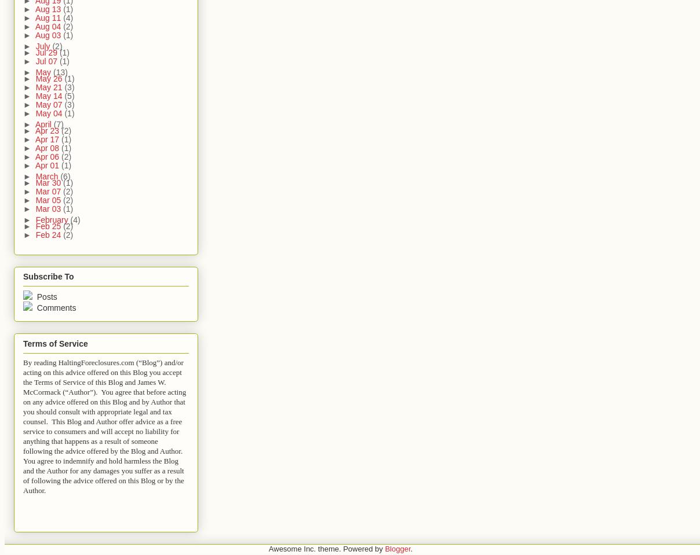  I want to click on 'Mar 05', so click(49, 200).